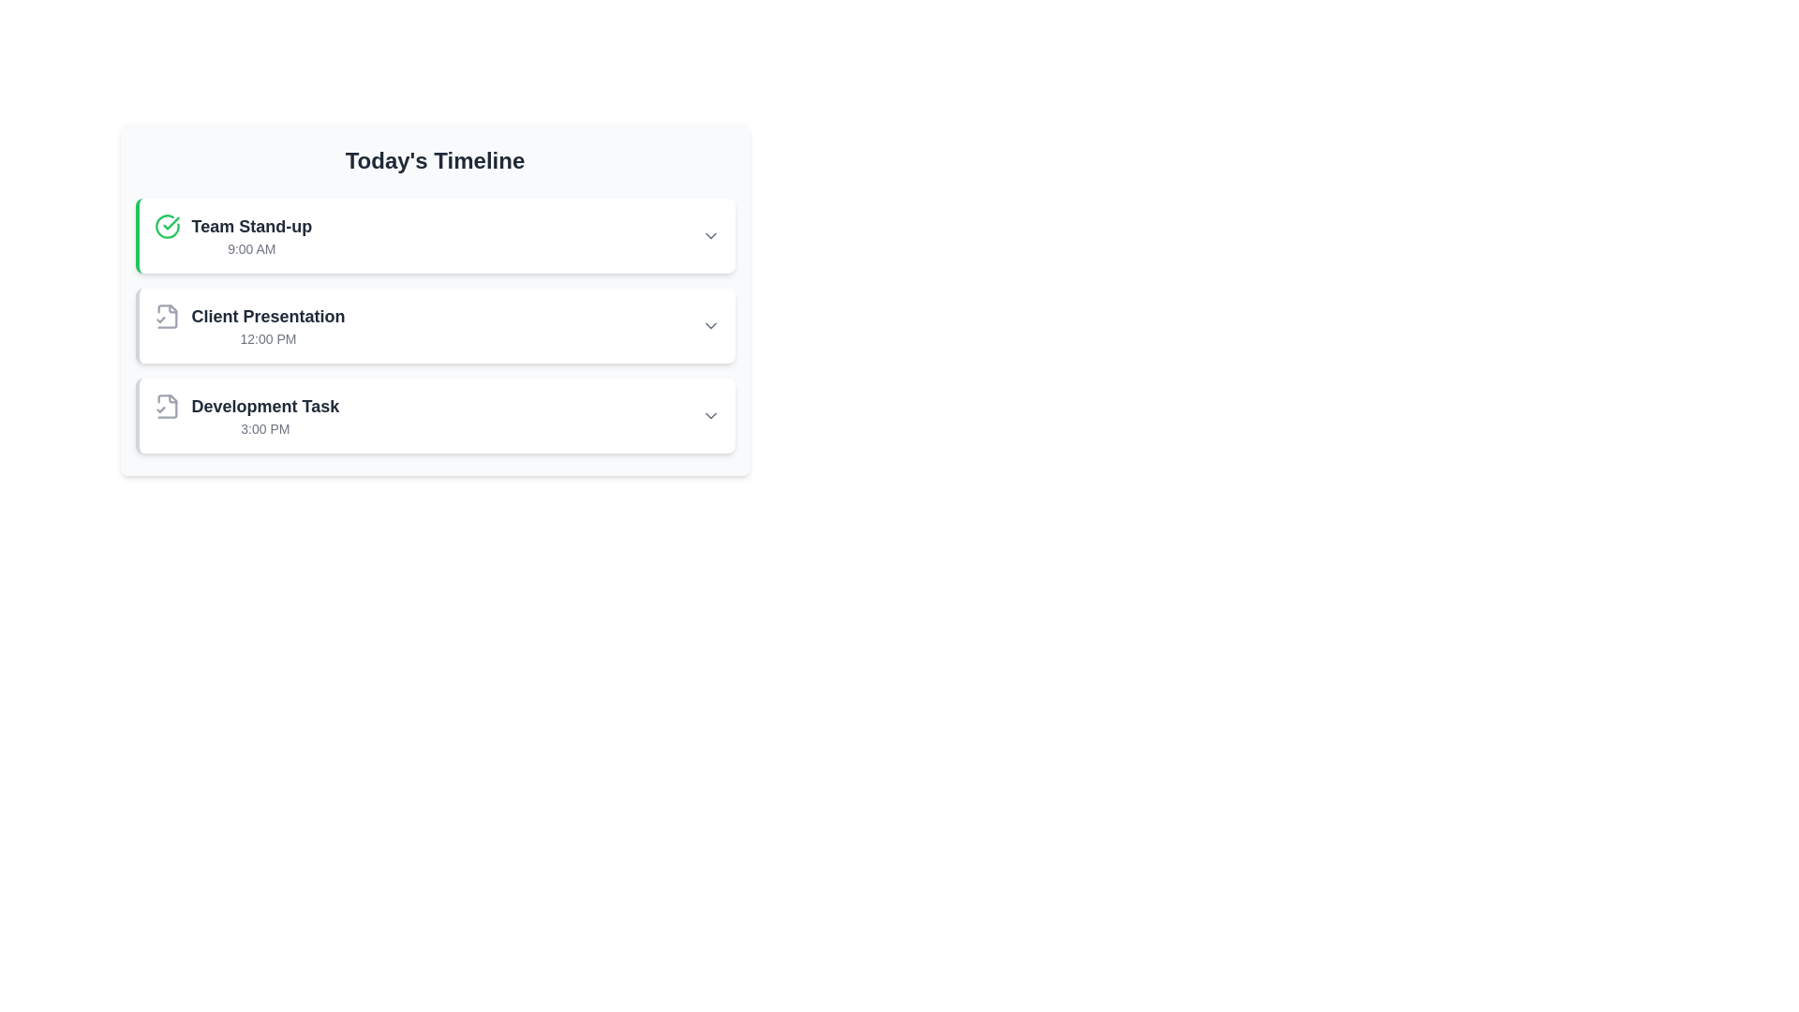  Describe the element at coordinates (245, 414) in the screenshot. I see `the timeline entry labeled 'Development Task' scheduled for '3:00 PM', which is the third item in the vertical list titled 'Today's Timeline'` at that location.